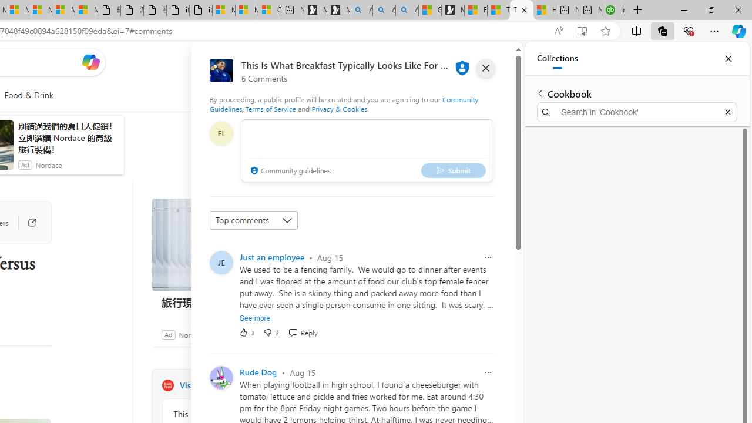 The width and height of the screenshot is (752, 423). Describe the element at coordinates (452, 170) in the screenshot. I see `'Submit'` at that location.